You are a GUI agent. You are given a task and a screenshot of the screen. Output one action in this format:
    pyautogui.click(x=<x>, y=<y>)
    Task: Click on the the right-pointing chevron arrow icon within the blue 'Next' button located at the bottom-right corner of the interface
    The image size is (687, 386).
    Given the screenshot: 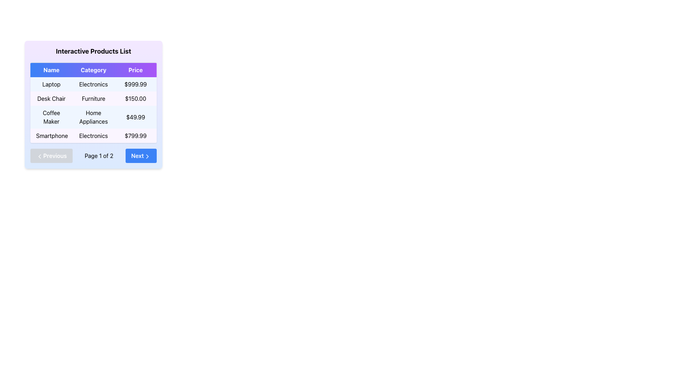 What is the action you would take?
    pyautogui.click(x=147, y=156)
    